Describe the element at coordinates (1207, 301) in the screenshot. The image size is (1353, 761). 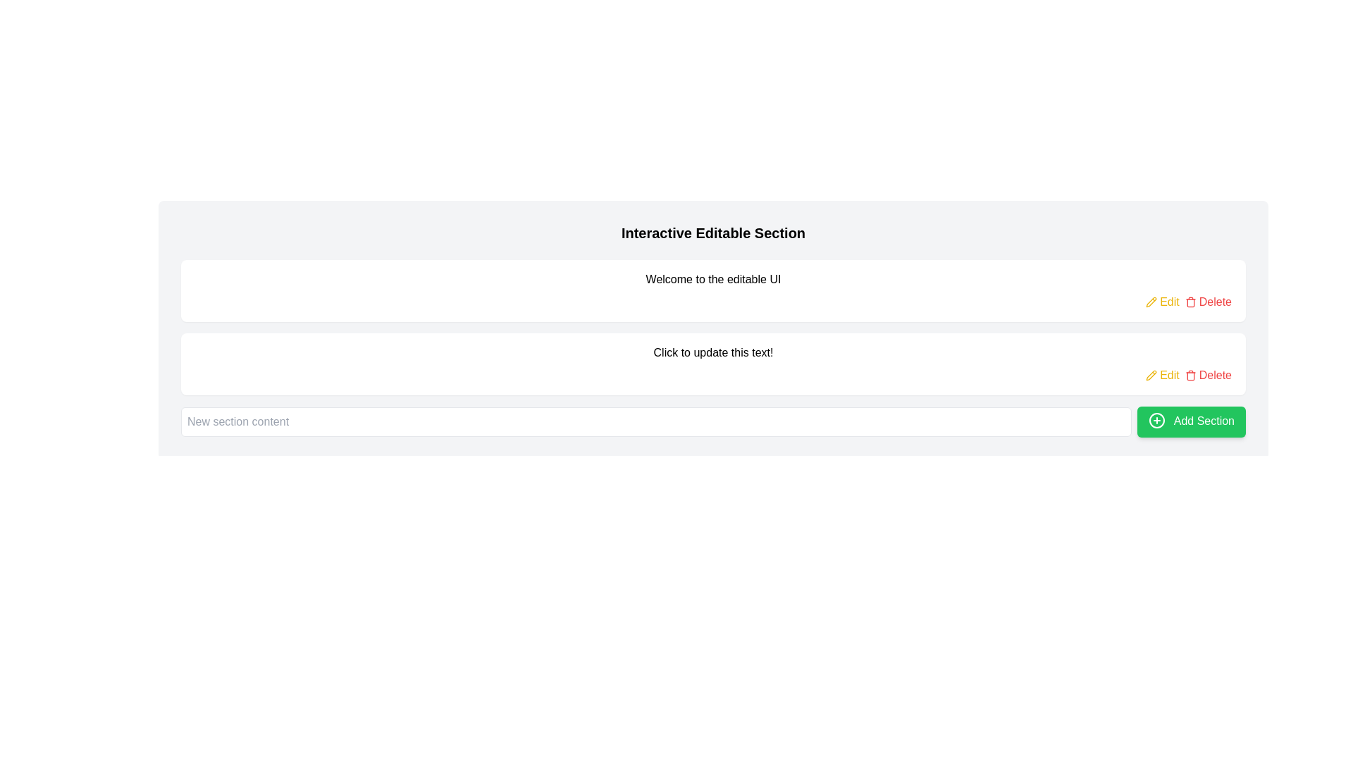
I see `the 'Delete' button located on the right-hand side, which is the second button in the group below the 'Click to update this text!' label, to change its color shade` at that location.